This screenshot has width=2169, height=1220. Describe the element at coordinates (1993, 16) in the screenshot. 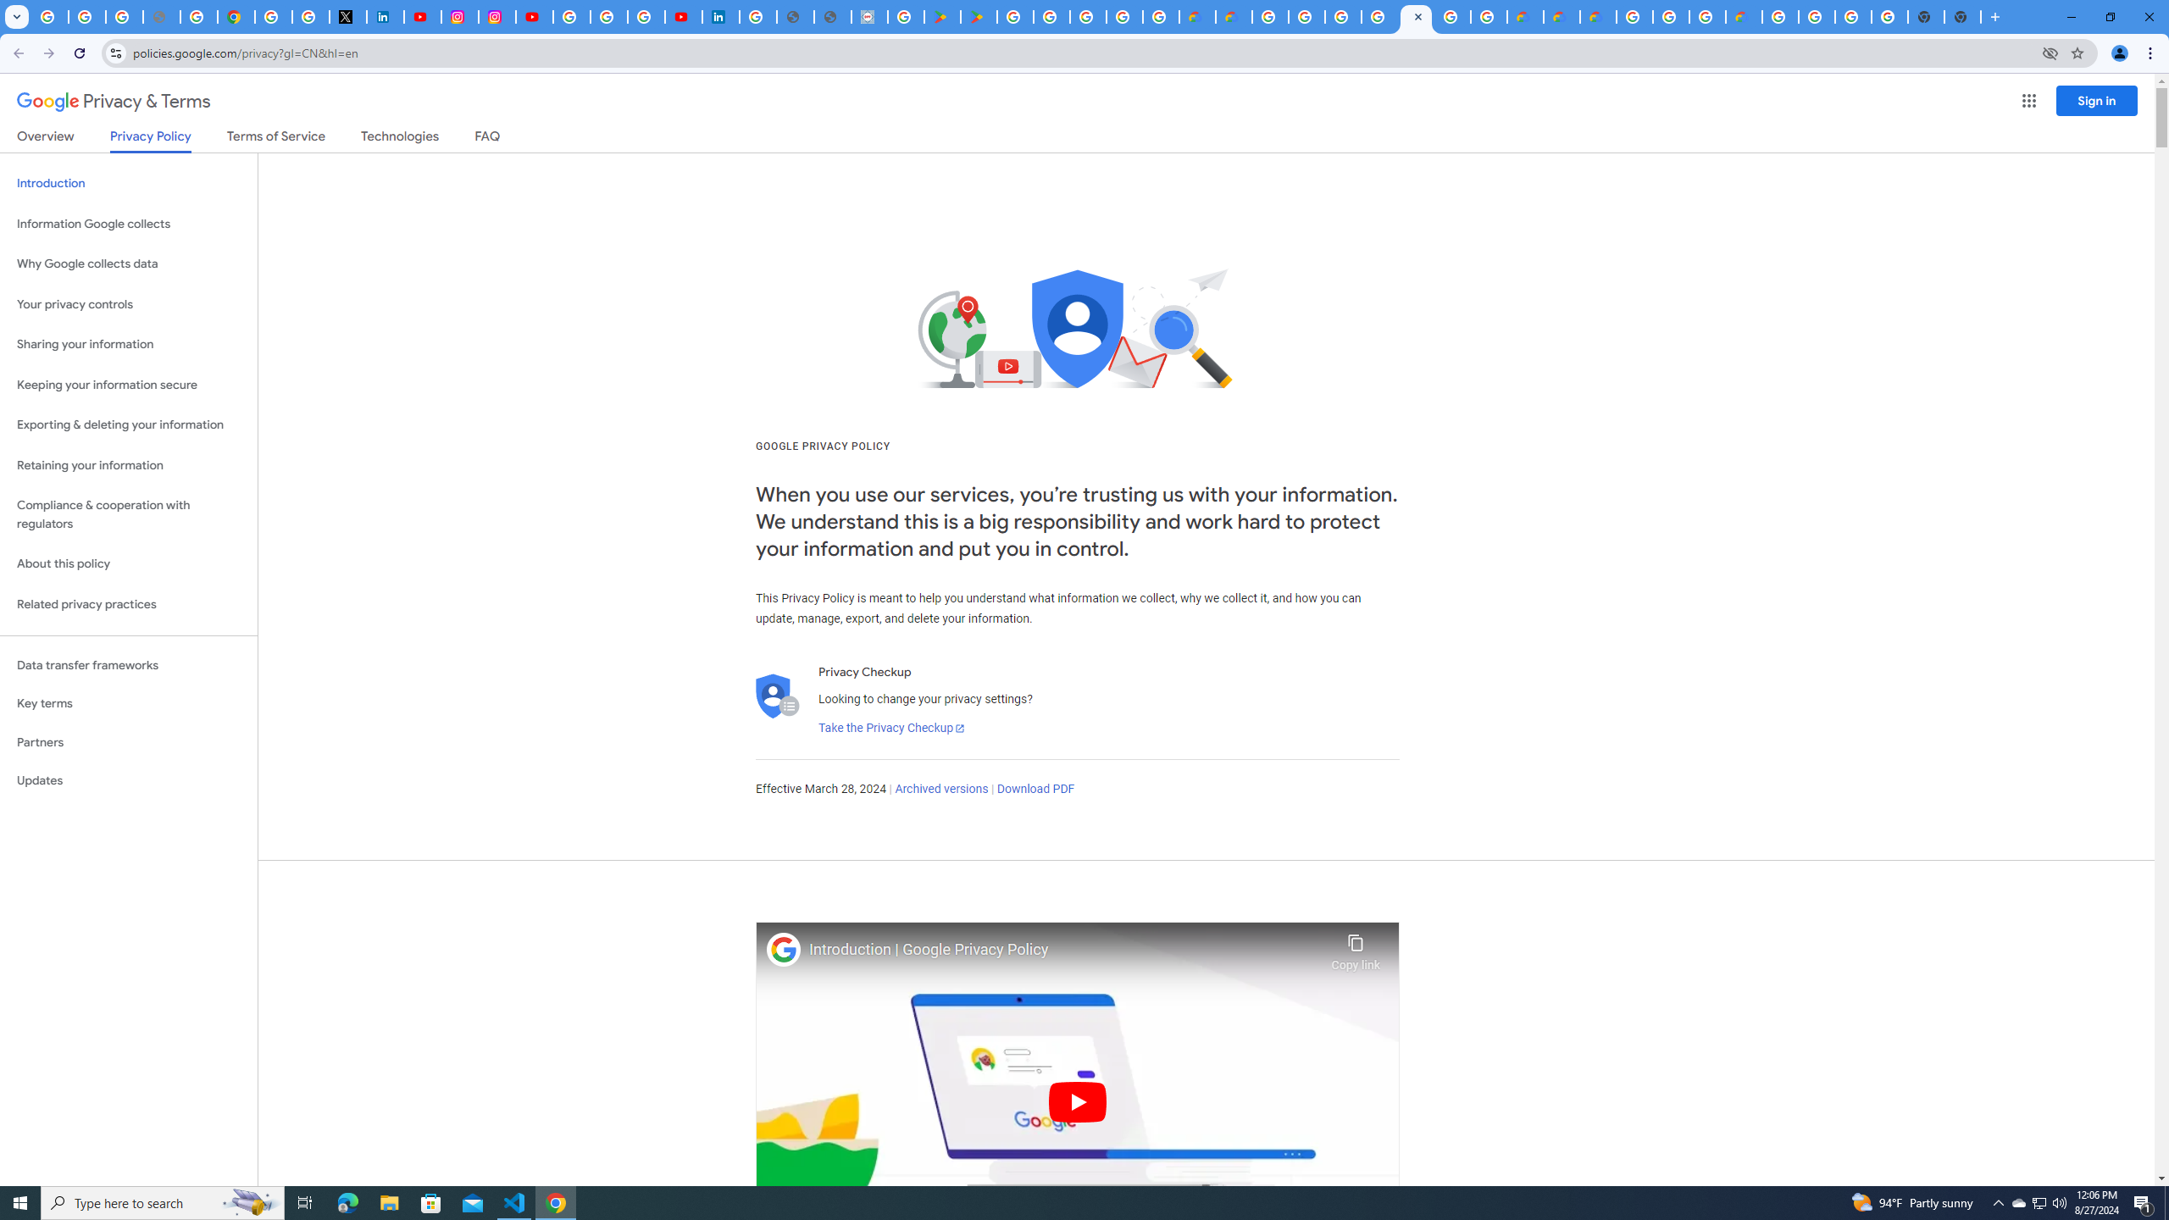

I see `'New Tab'` at that location.